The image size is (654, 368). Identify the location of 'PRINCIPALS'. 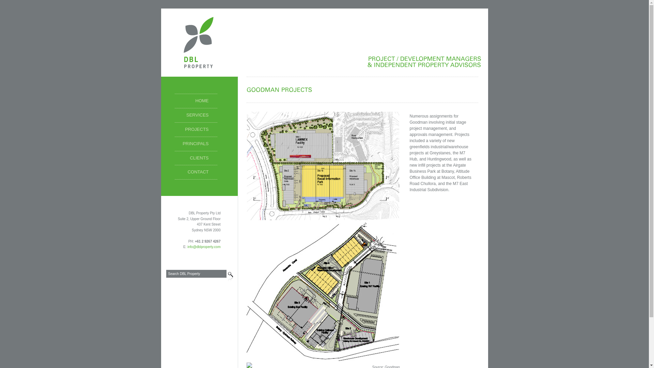
(195, 144).